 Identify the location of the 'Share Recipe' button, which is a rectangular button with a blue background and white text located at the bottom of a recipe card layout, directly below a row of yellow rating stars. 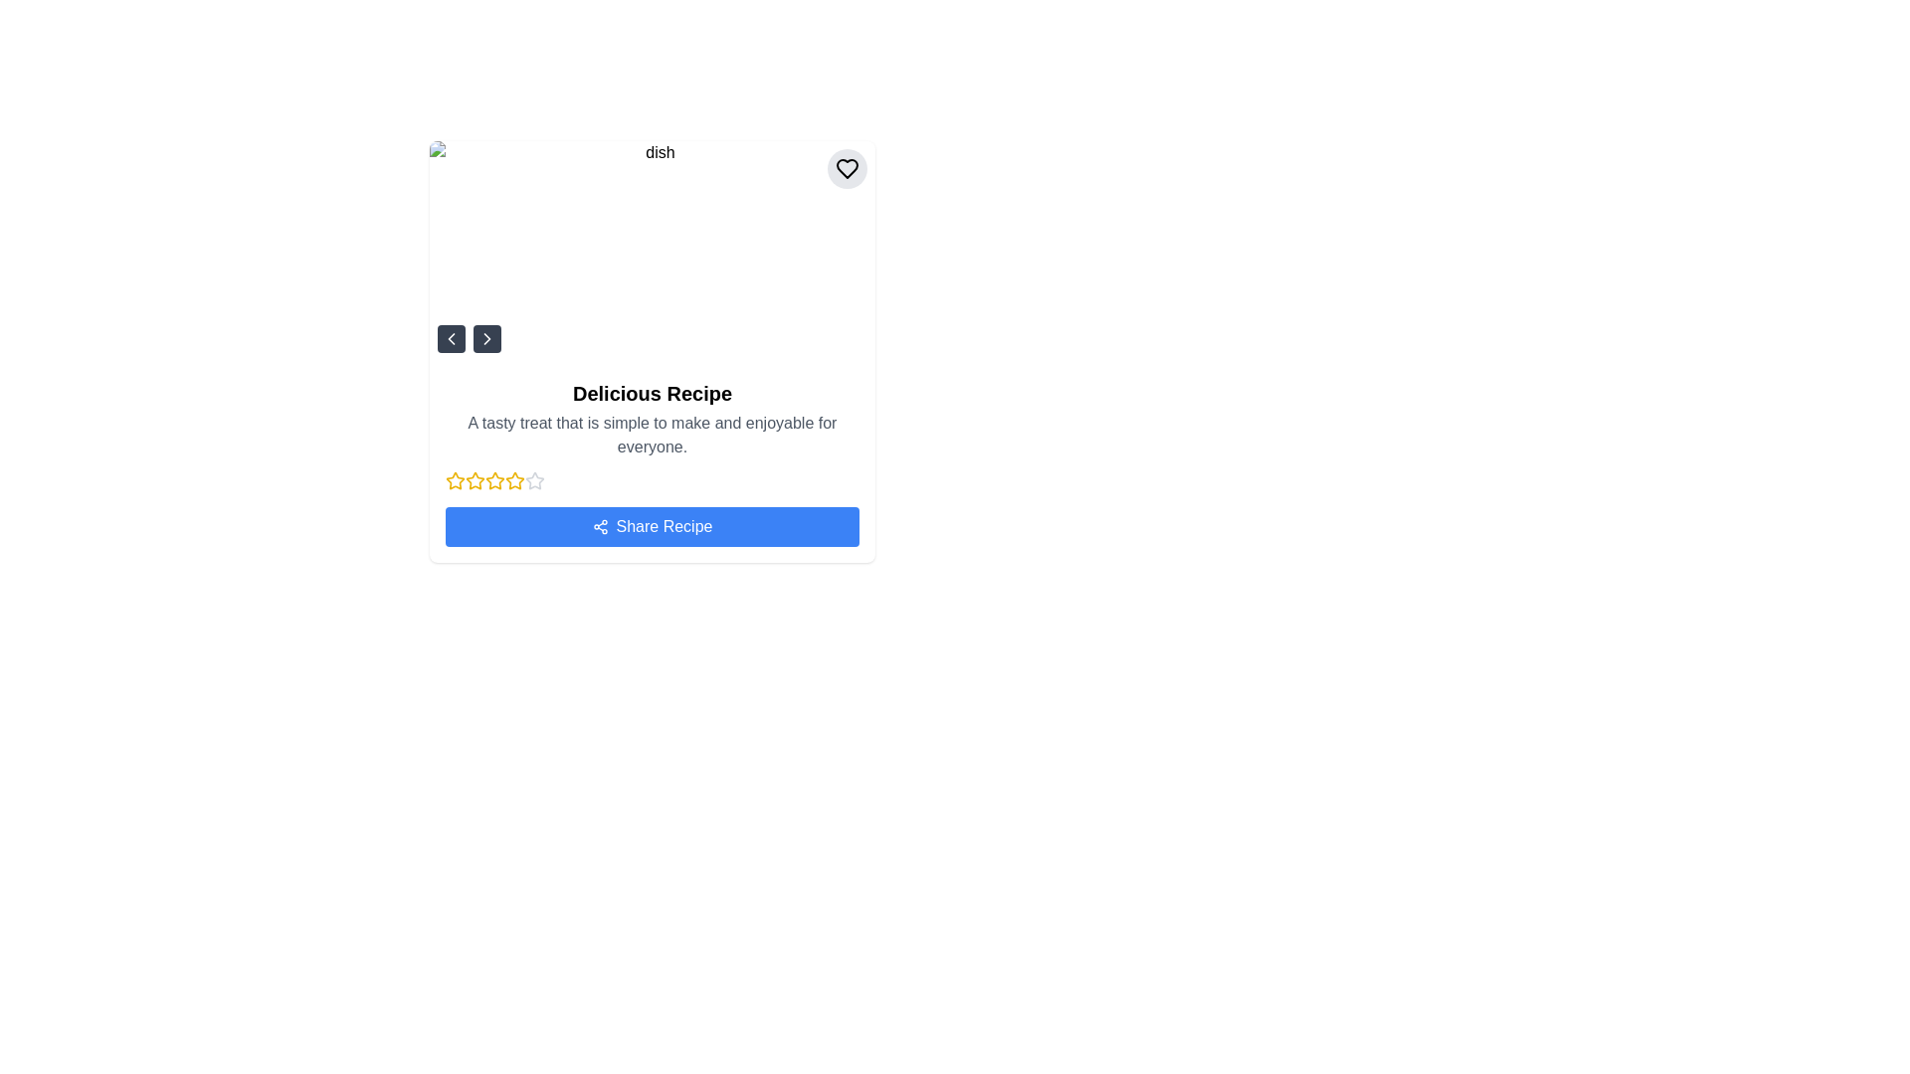
(653, 525).